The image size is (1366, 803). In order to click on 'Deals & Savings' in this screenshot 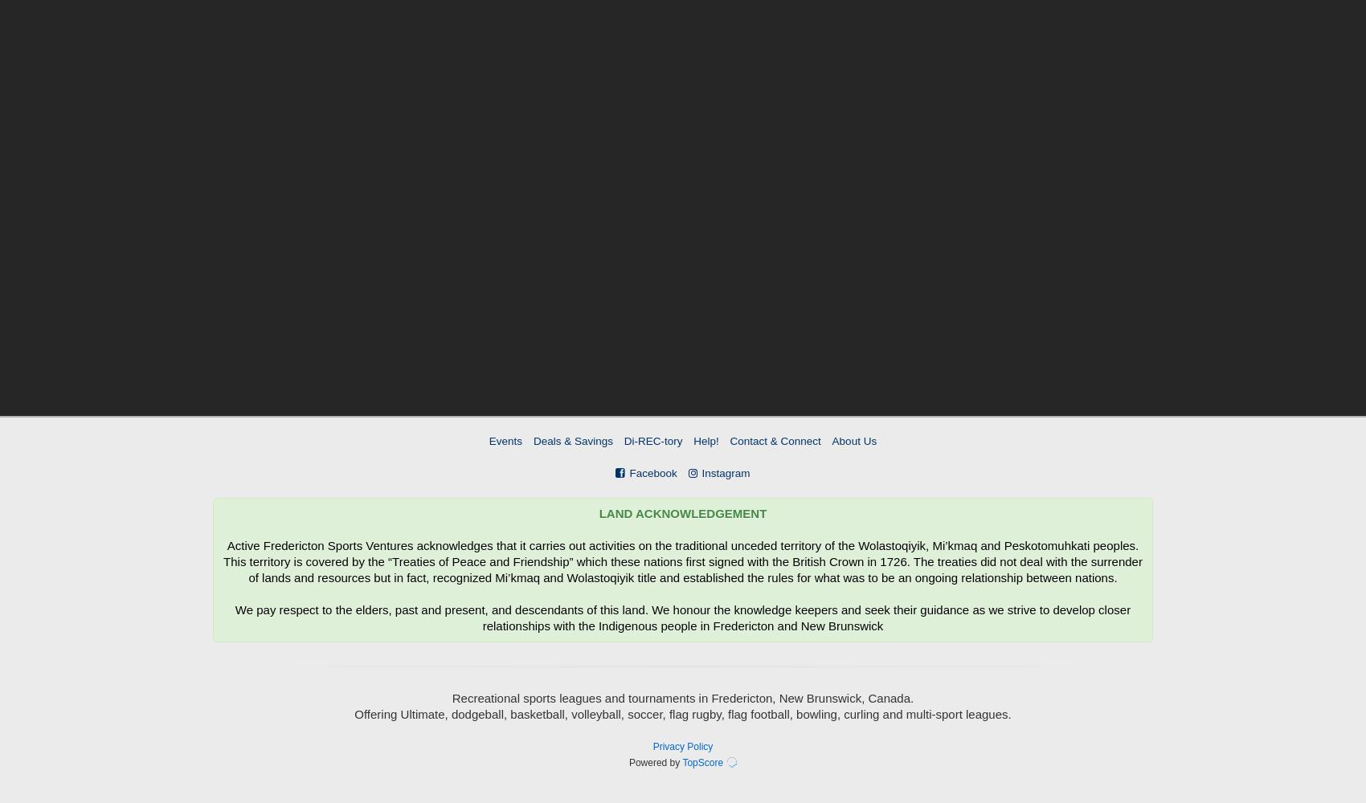, I will do `click(533, 441)`.